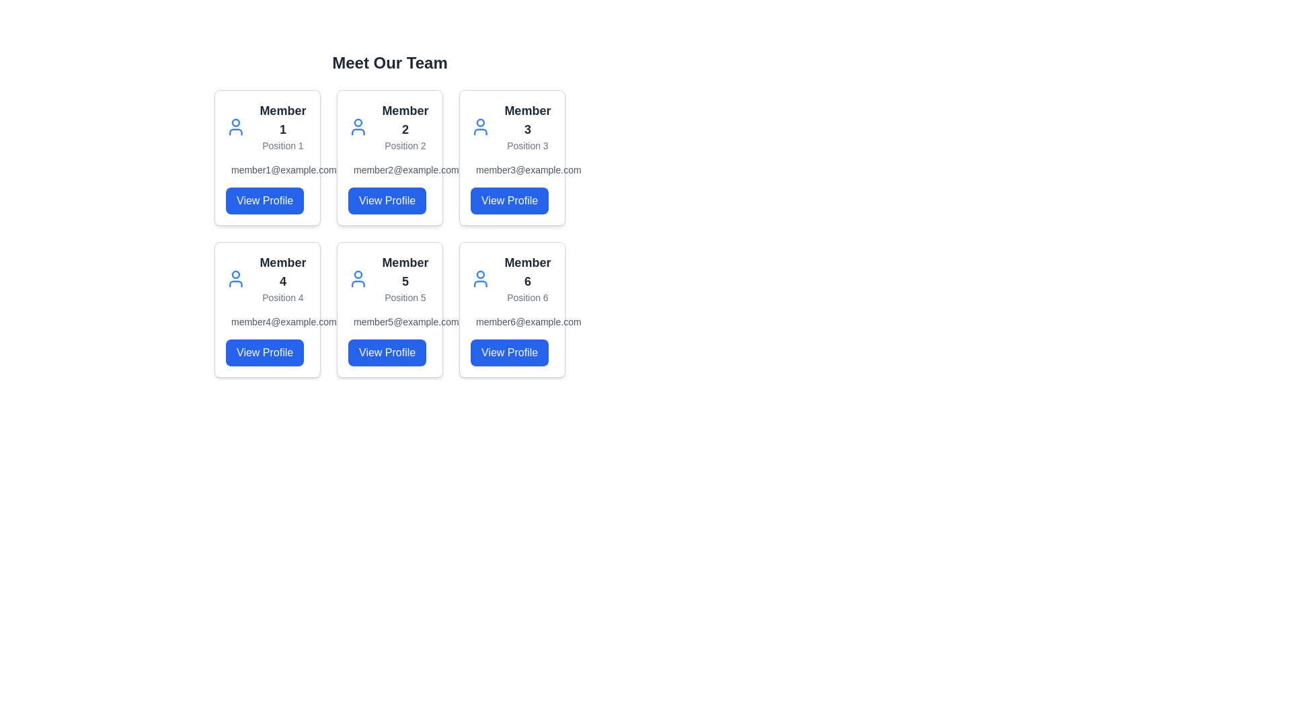 The image size is (1291, 726). What do you see at coordinates (480, 122) in the screenshot?
I see `the circular head icon in the 'Meet Our Team' grid layout, specifically the member labeled 'Member 3' located in the first row, third column` at bounding box center [480, 122].